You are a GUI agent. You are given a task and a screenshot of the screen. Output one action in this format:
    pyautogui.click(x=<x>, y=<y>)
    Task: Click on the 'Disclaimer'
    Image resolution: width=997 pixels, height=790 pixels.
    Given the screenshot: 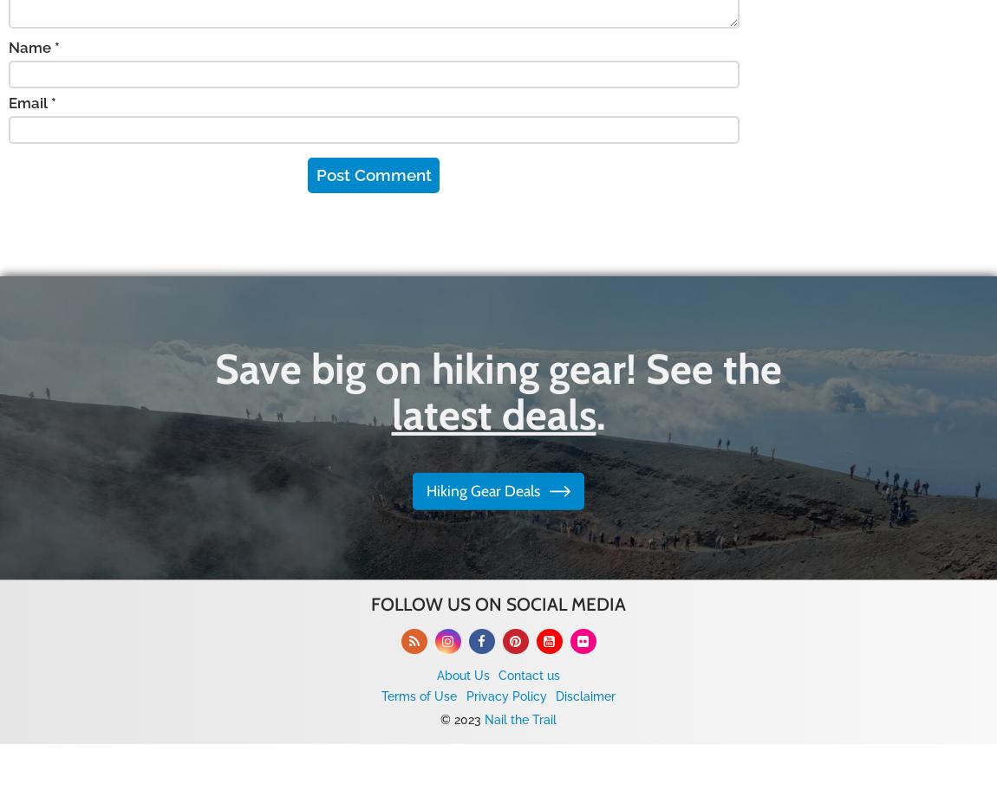 What is the action you would take?
    pyautogui.click(x=553, y=695)
    